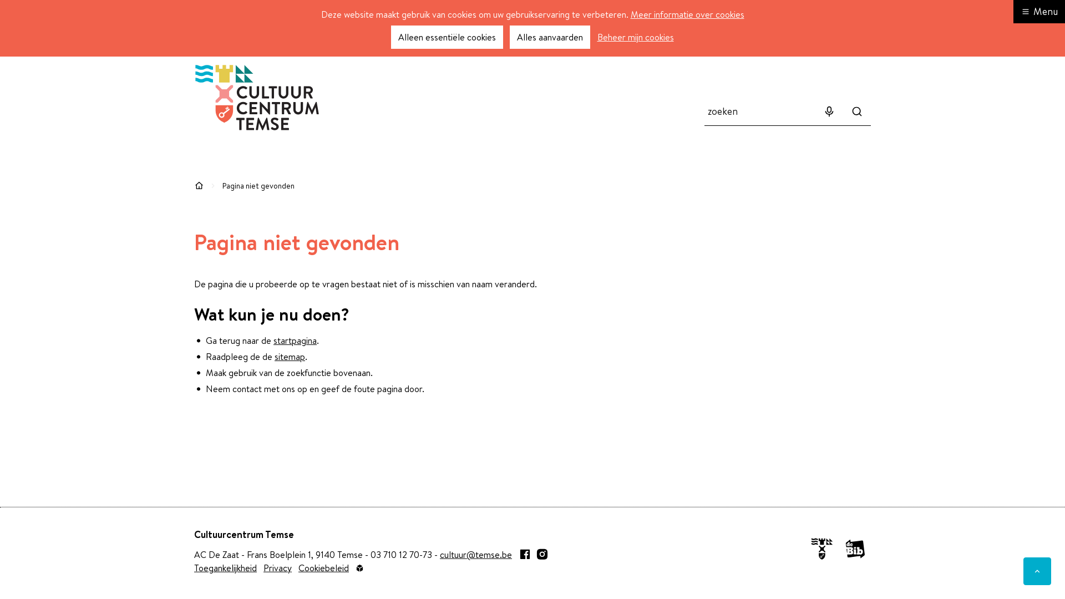 The width and height of the screenshot is (1065, 599). I want to click on 'Facebook', so click(524, 554).